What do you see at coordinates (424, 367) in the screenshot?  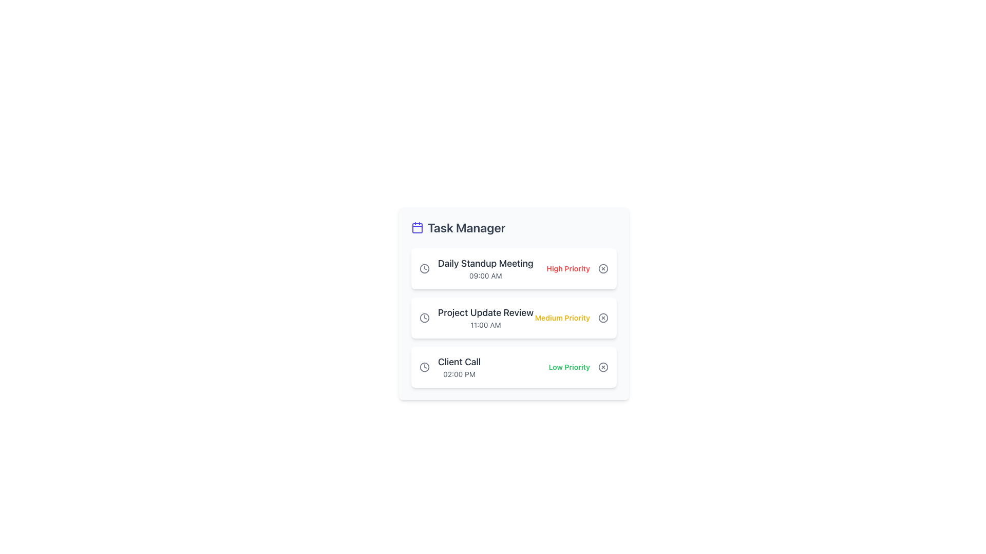 I see `the clock icon representing the time indicator for the 'Client Call' task scheduled at '02:00 PM' in the Task Manager interface` at bounding box center [424, 367].